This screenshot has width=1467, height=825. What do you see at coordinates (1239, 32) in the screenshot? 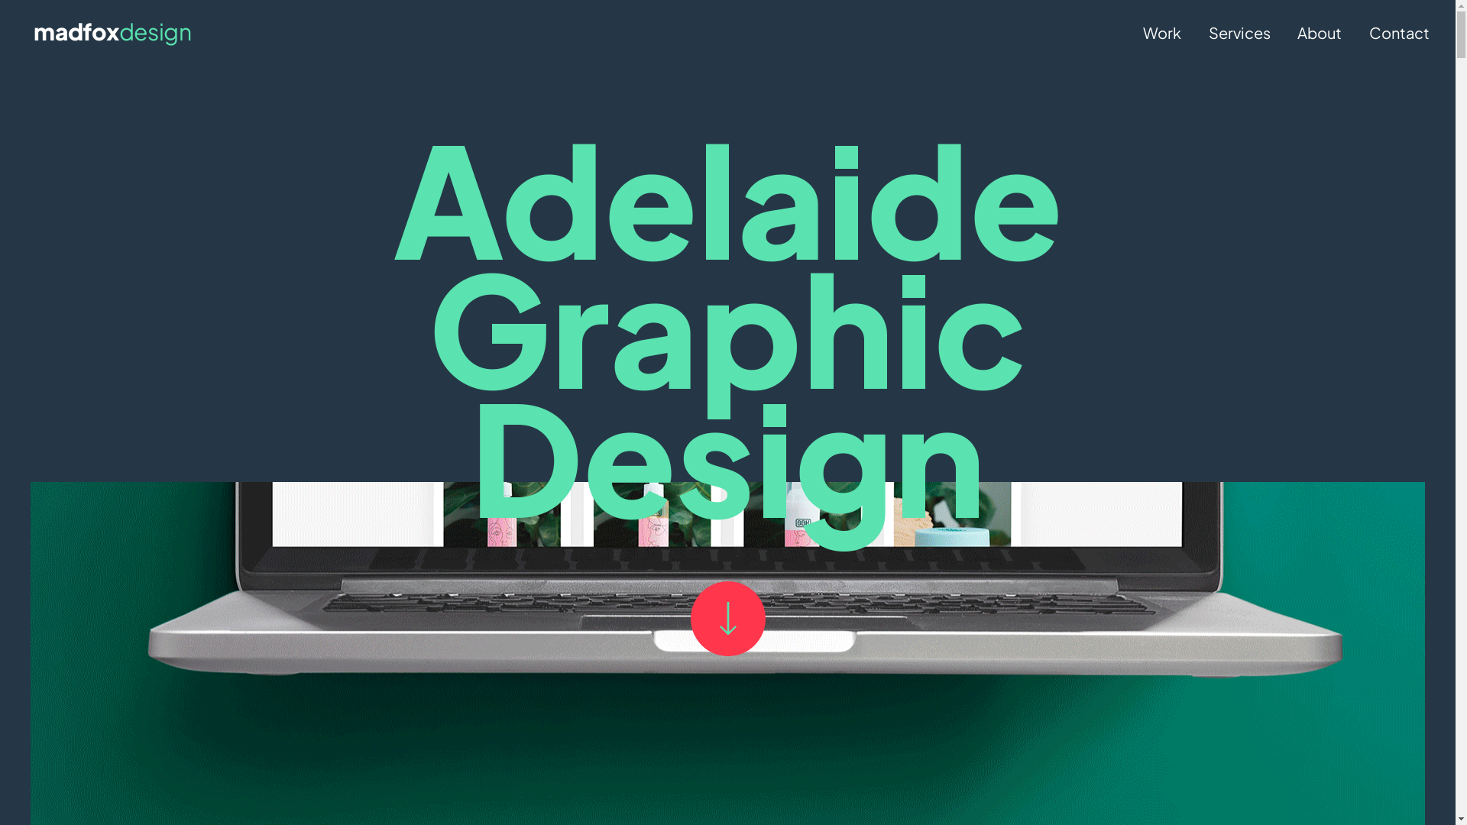
I see `'Services'` at bounding box center [1239, 32].